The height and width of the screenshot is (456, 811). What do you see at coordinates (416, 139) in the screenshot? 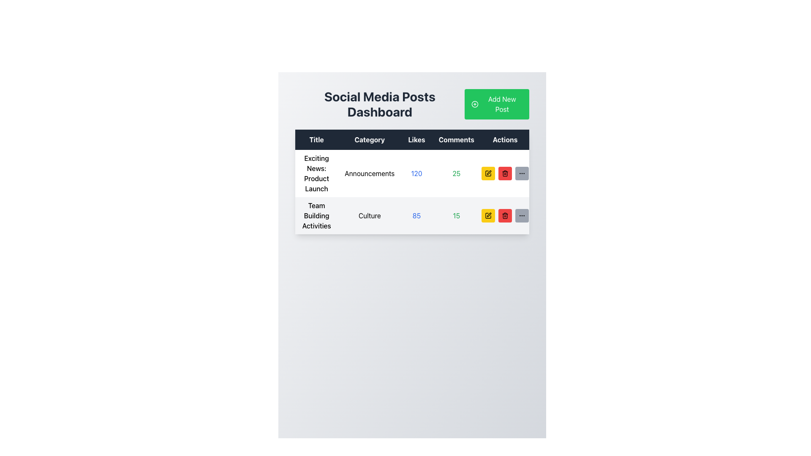
I see `the 'Likes' column header in the table, which serves as a static text indicating the data related to likes` at bounding box center [416, 139].